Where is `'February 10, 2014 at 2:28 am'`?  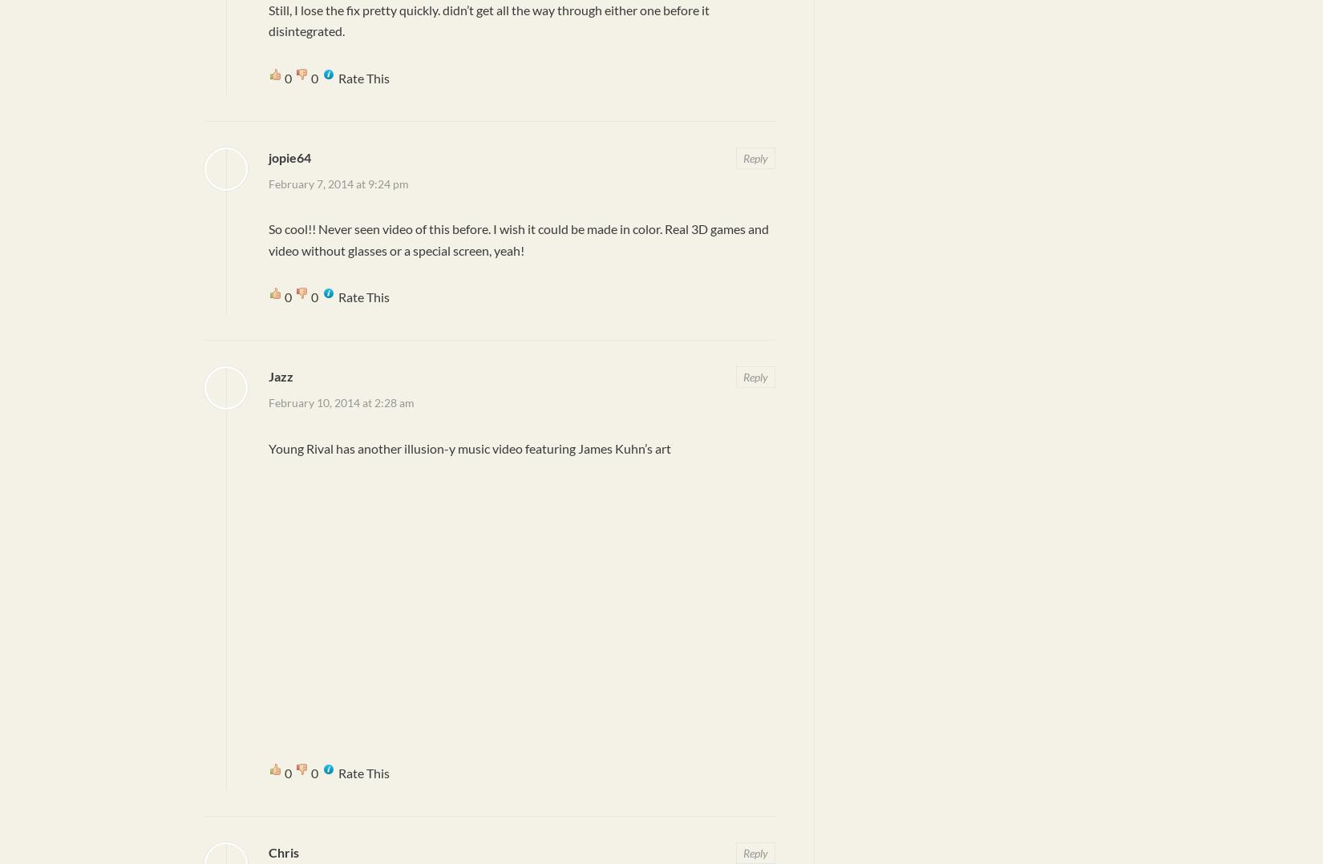 'February 10, 2014 at 2:28 am' is located at coordinates (341, 402).